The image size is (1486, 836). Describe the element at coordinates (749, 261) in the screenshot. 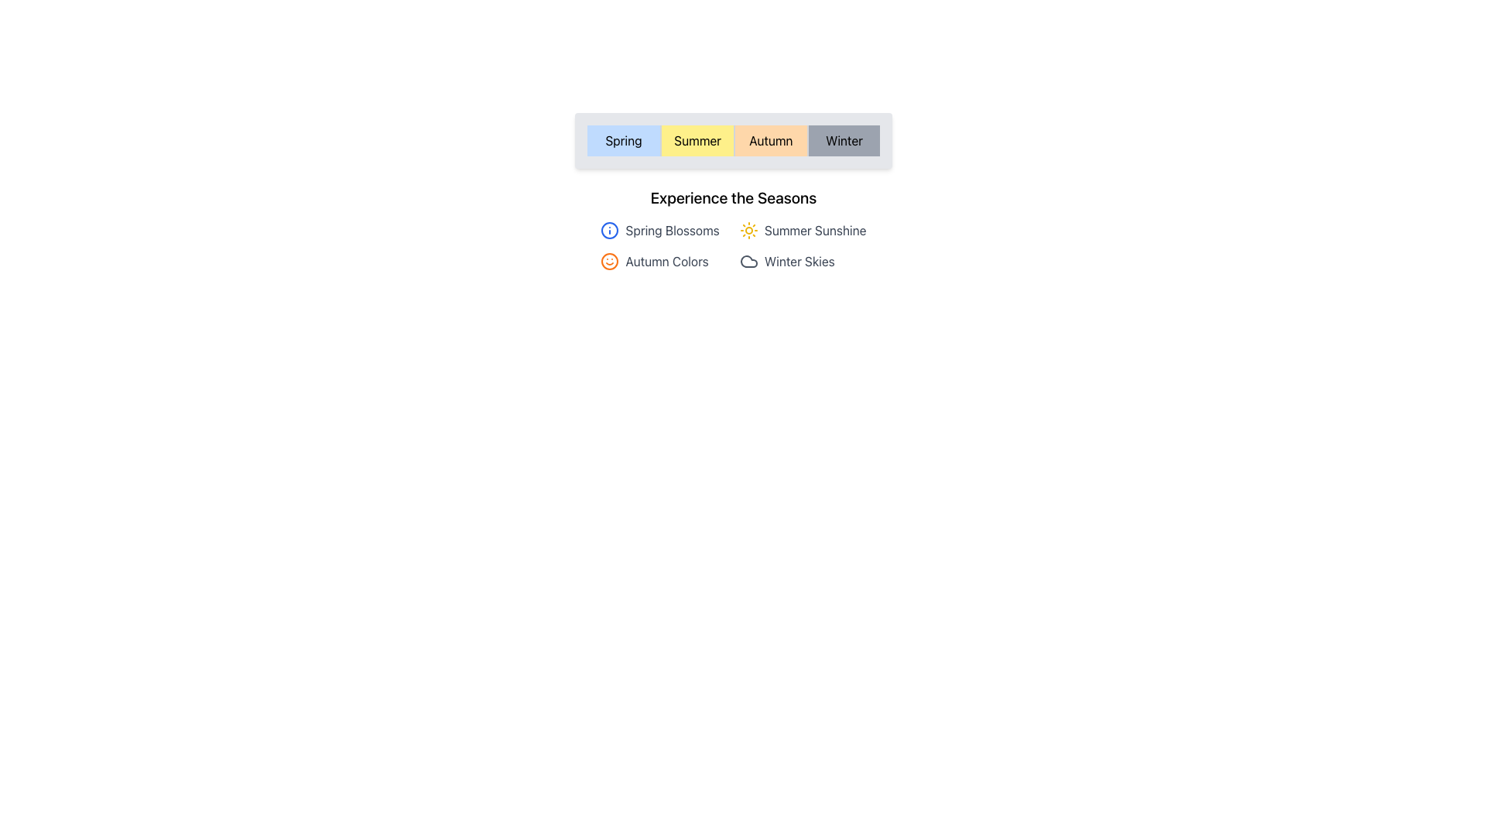

I see `the decorative icon representing 'Winter Skies' located in the bottom right of the four icon-text representations for interaction` at that location.